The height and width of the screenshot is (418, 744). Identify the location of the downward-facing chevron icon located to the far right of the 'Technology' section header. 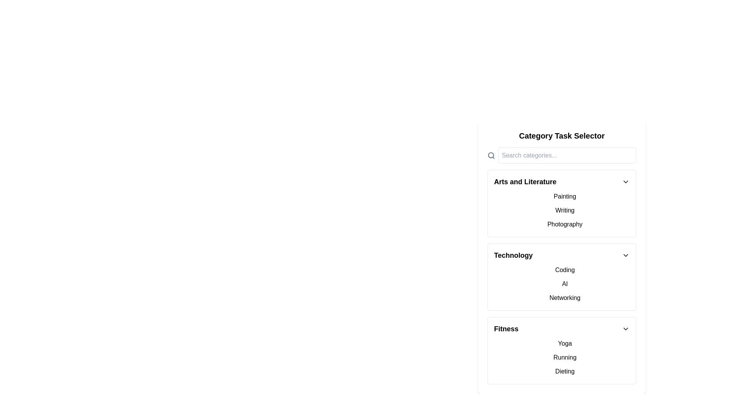
(625, 255).